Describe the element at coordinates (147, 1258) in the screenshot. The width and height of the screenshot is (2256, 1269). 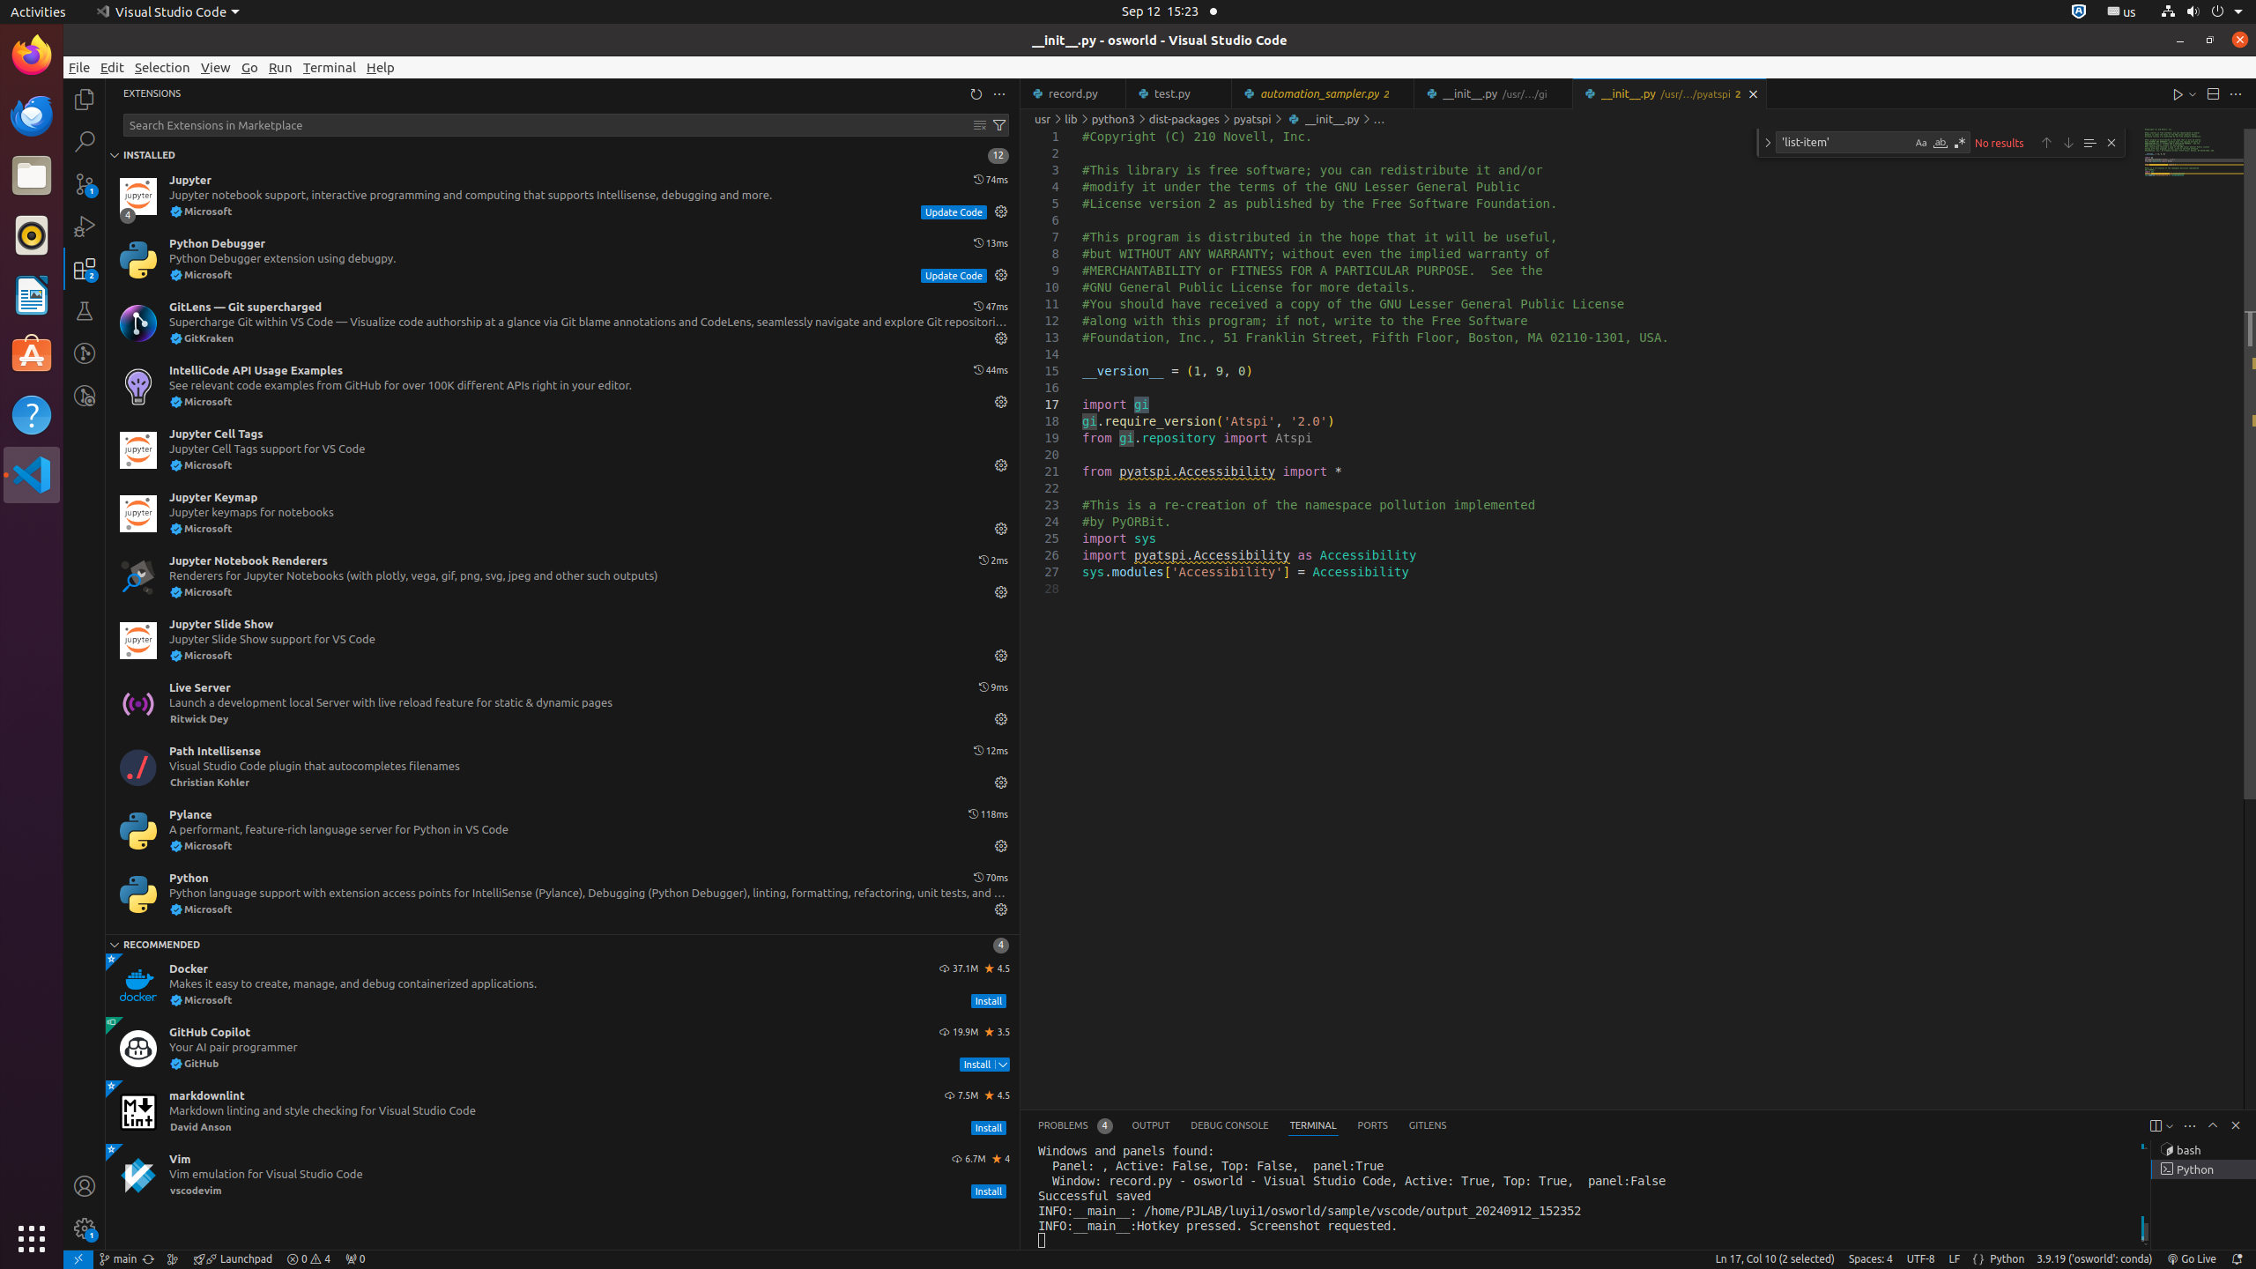
I see `'OSWorld (Git) - Synchronize Changes'` at that location.